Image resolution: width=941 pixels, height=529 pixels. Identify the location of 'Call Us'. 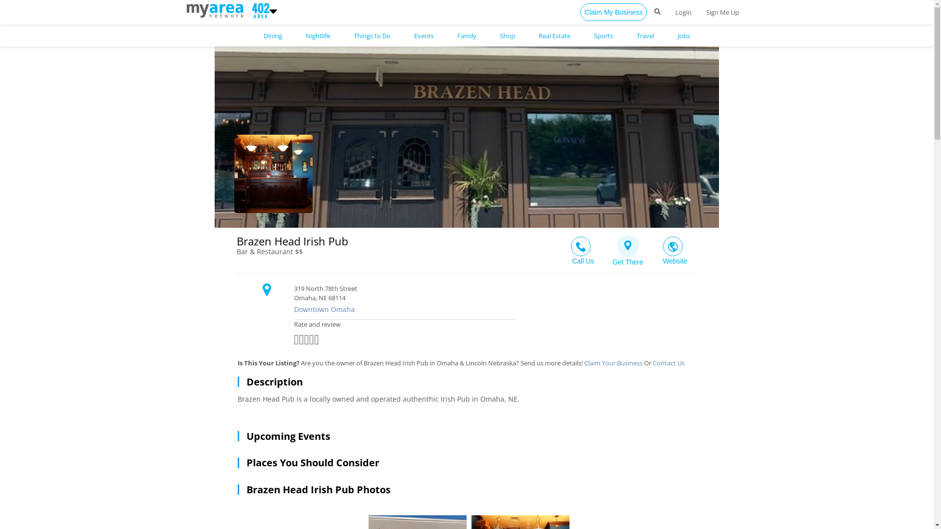
(559, 247).